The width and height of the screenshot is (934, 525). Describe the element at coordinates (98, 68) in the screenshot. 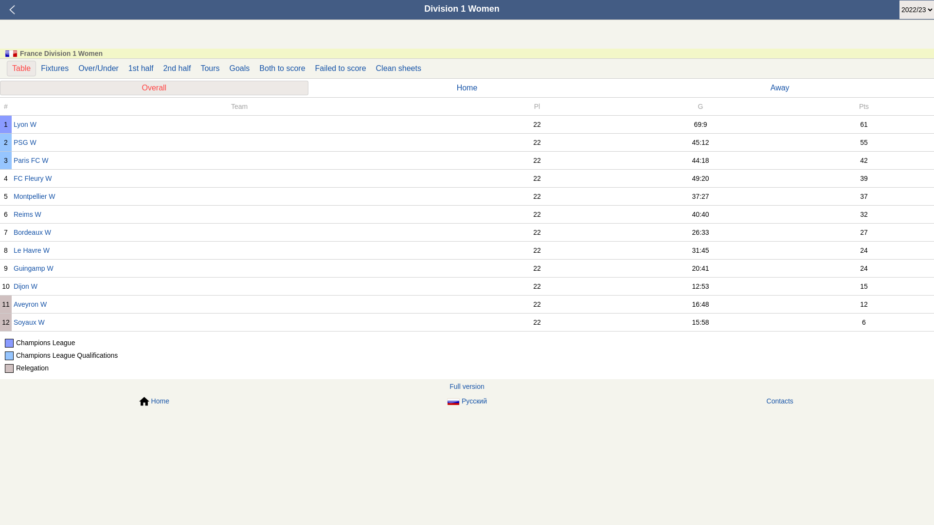

I see `'Over/Under'` at that location.